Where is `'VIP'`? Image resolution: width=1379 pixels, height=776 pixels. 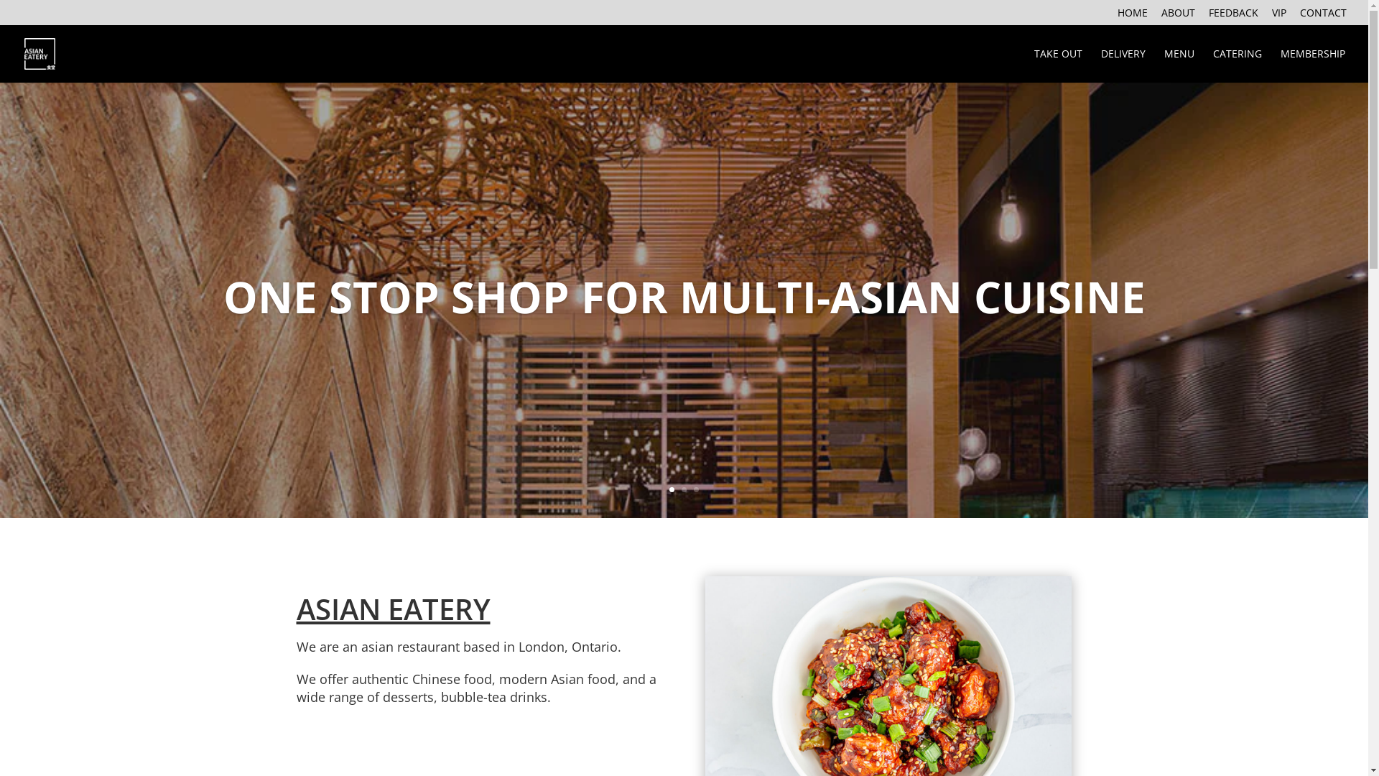 'VIP' is located at coordinates (1272, 16).